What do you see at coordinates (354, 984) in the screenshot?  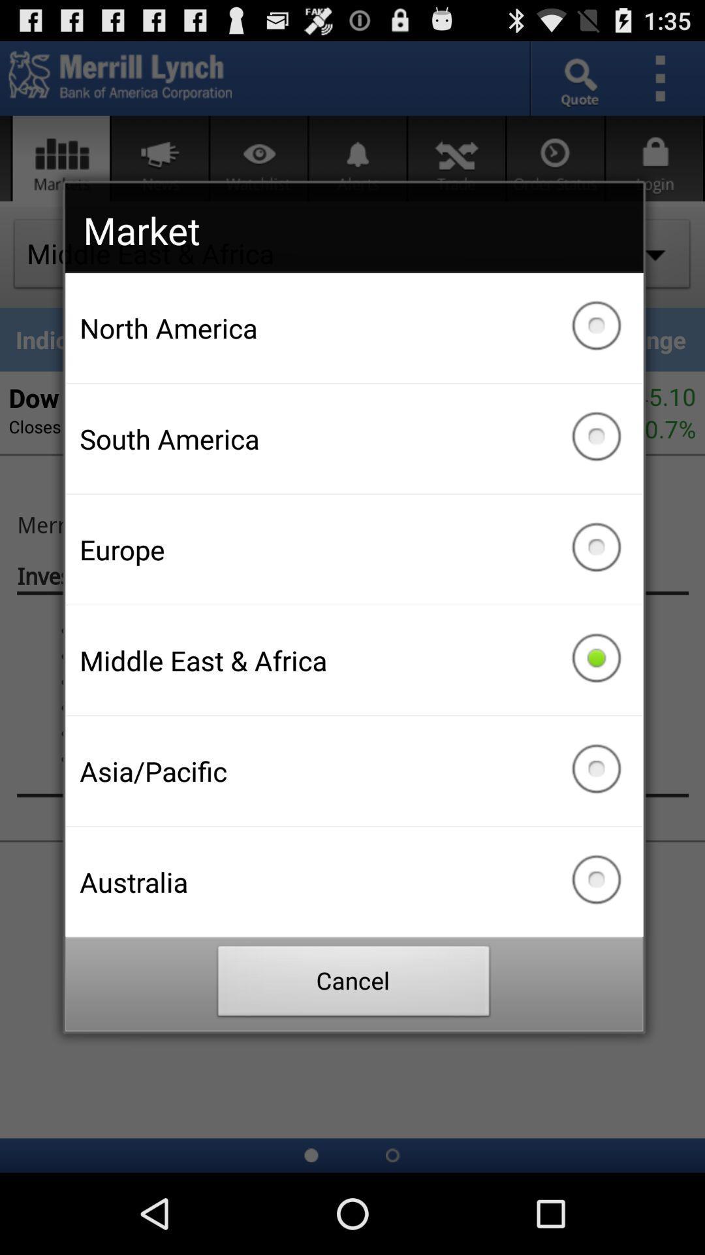 I see `icon below australia checkbox` at bounding box center [354, 984].